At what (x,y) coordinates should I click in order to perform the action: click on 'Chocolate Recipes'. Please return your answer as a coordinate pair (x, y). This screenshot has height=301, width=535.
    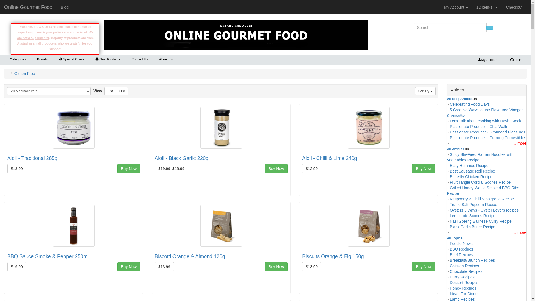
    Looking at the image, I should click on (466, 271).